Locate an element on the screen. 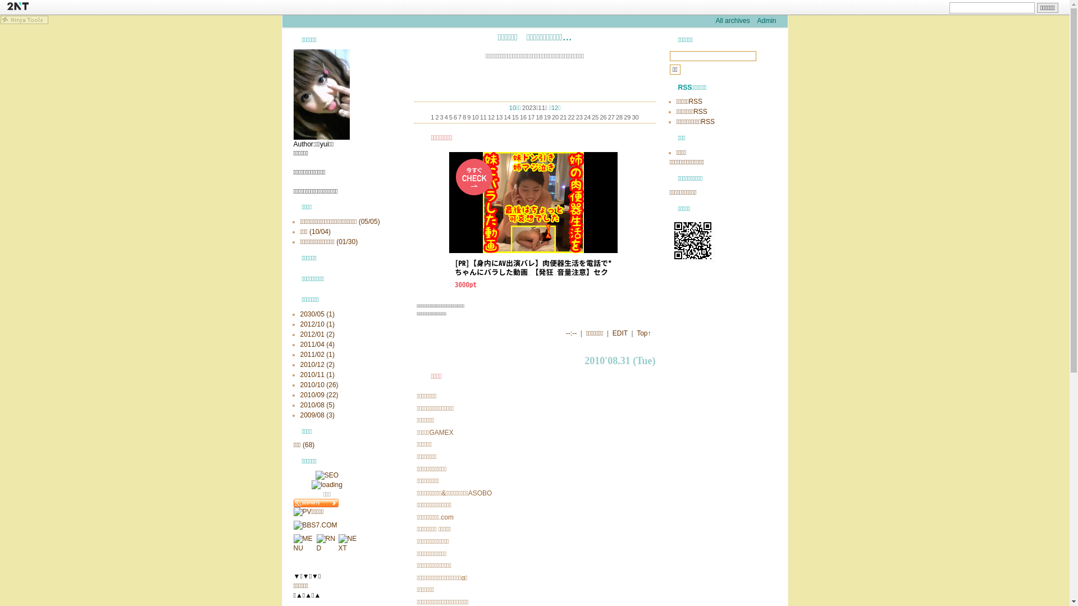 The height and width of the screenshot is (606, 1078). '2030/05 (1)' is located at coordinates (299, 314).